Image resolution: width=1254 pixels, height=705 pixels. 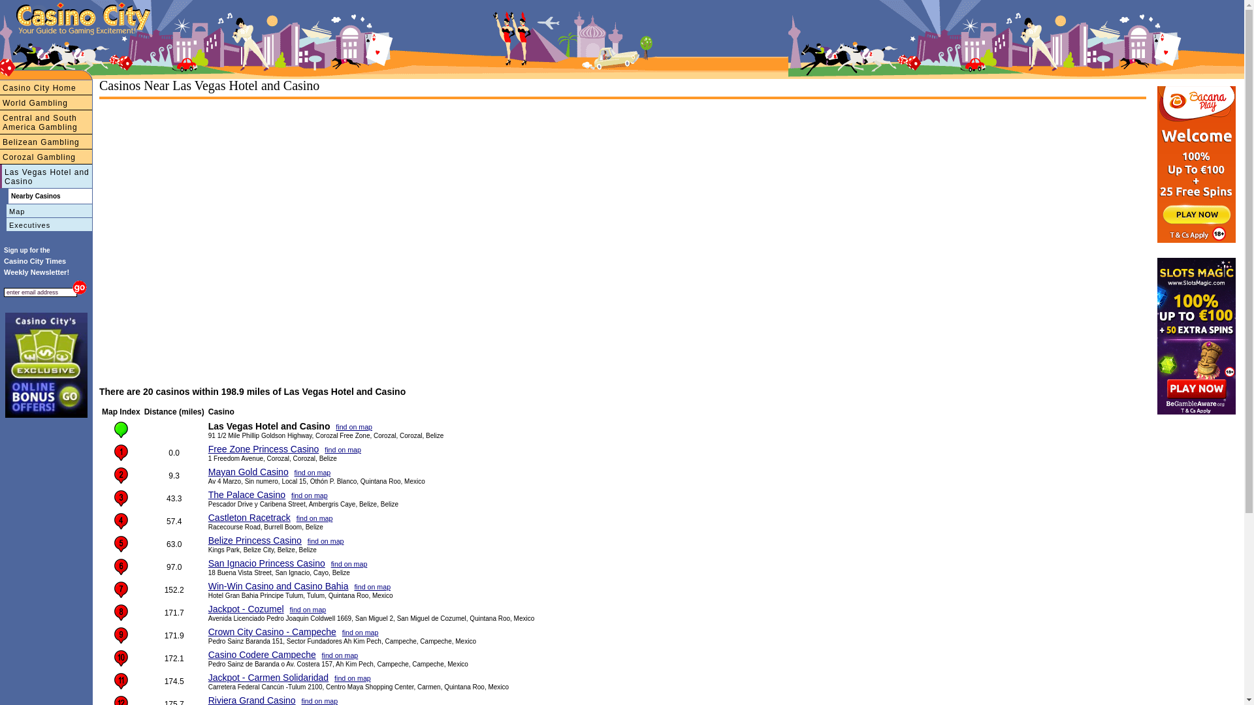 I want to click on 'San Ignacio Princess Casino', so click(x=207, y=563).